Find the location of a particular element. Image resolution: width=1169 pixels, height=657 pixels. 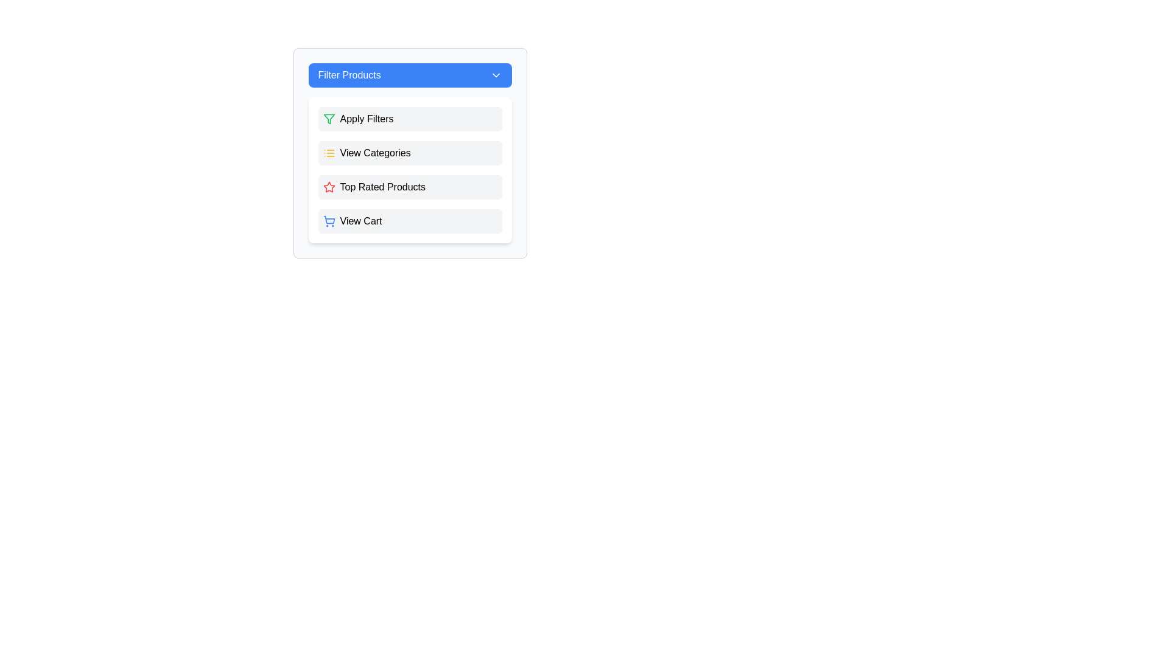

the red star-shaped icon located to the left of the 'Top Rated Products' text for recognition is located at coordinates (329, 187).